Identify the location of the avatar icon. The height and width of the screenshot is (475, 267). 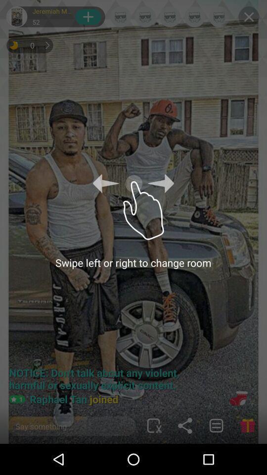
(16, 16).